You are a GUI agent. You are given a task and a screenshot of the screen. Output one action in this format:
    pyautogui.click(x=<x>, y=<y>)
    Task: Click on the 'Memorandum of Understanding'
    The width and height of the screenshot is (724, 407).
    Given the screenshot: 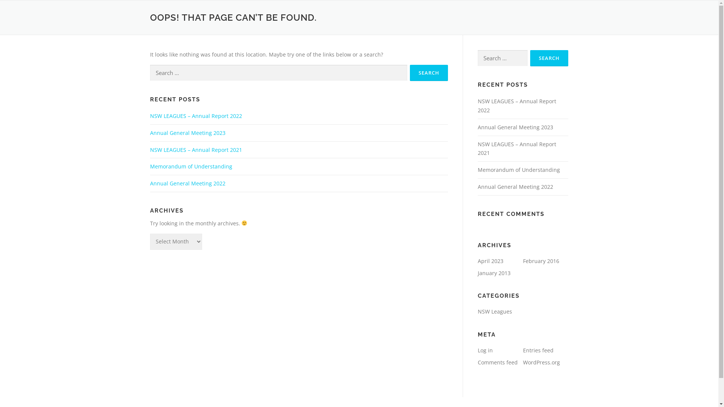 What is the action you would take?
    pyautogui.click(x=518, y=170)
    